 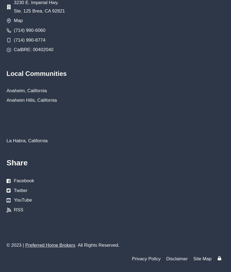 I want to click on 'Twitter', so click(x=20, y=190).